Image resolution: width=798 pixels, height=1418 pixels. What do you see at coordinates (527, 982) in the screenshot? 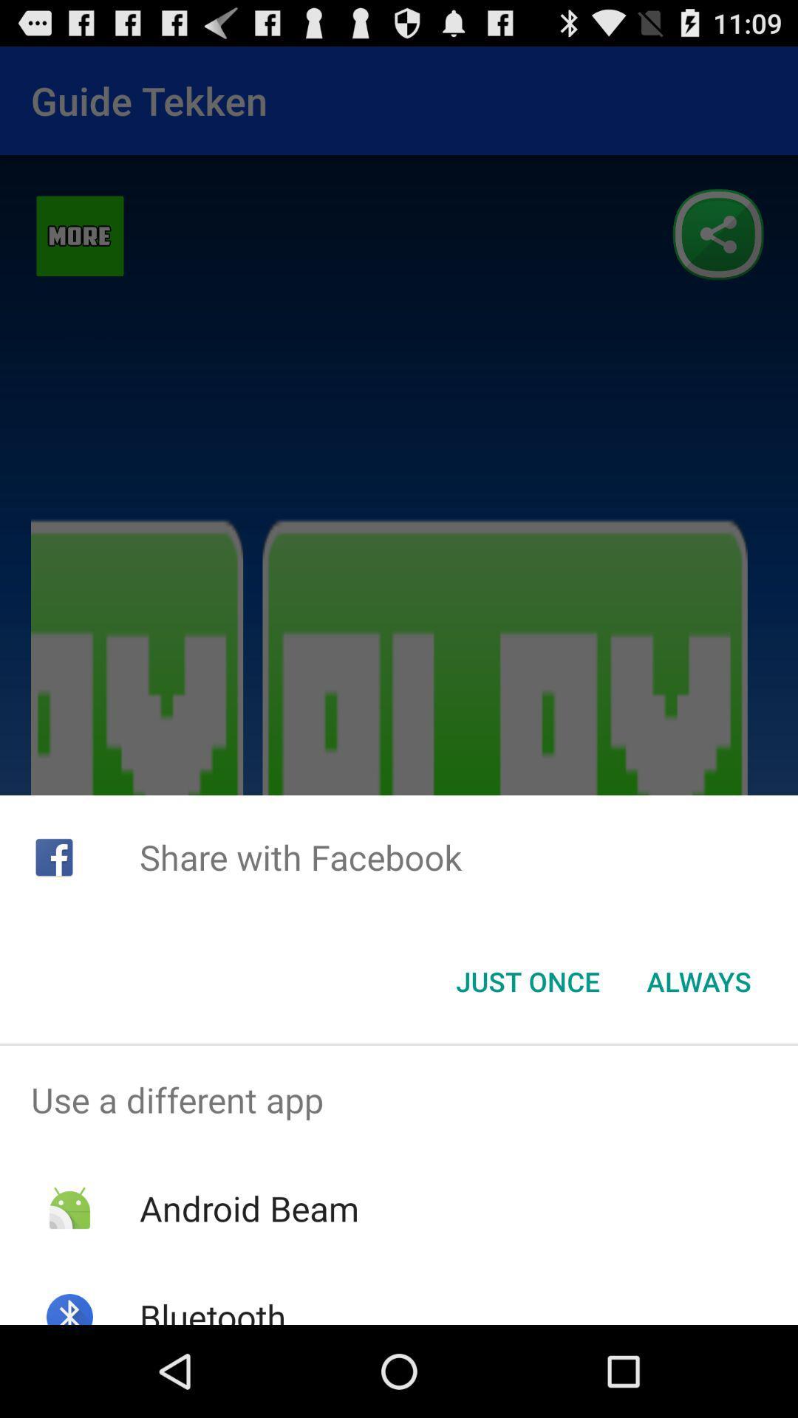
I see `the icon below the share with facebook item` at bounding box center [527, 982].